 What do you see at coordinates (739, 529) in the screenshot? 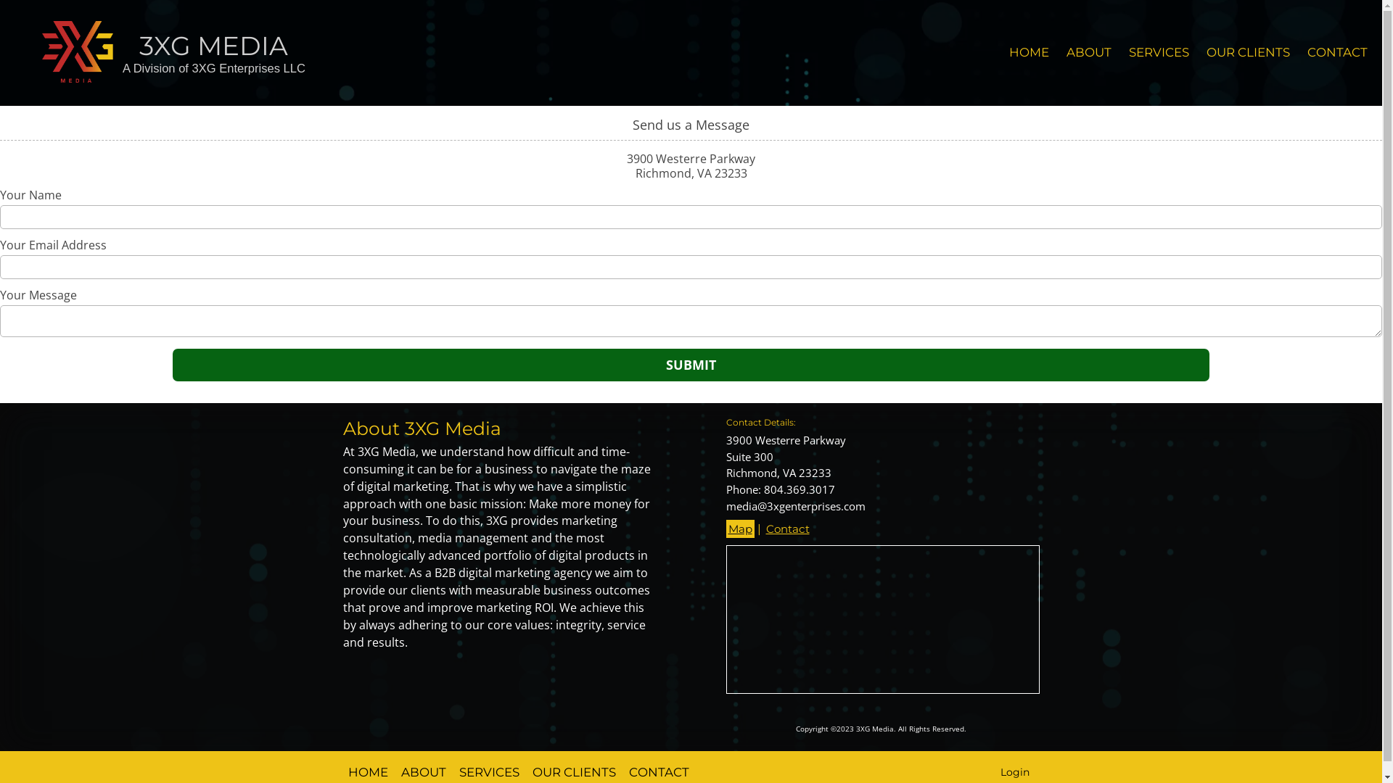
I see `'Map'` at bounding box center [739, 529].